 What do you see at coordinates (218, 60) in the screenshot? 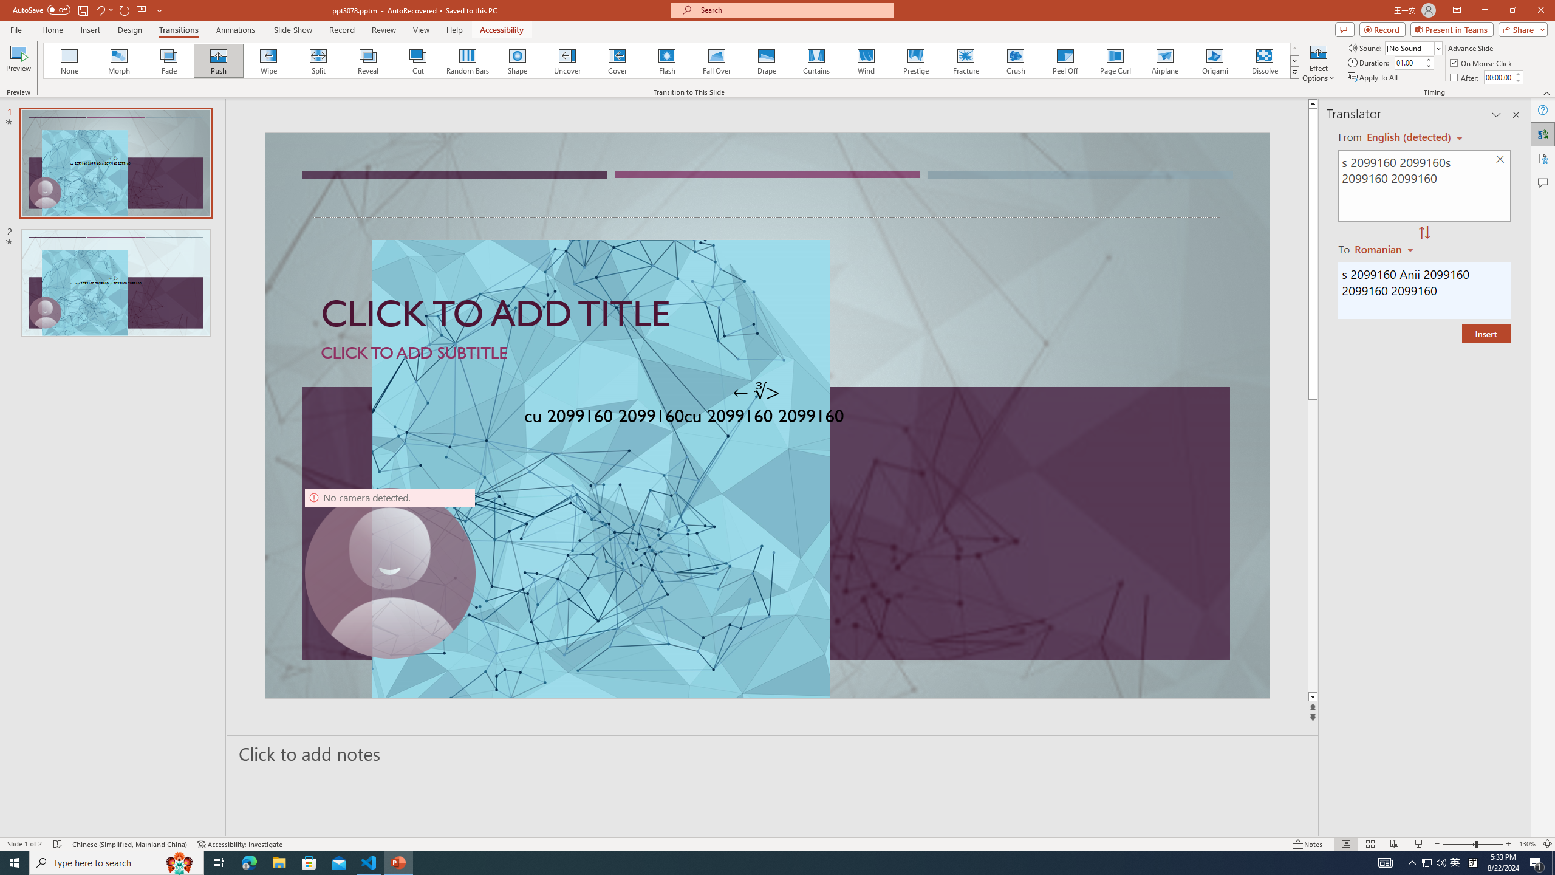
I see `'Push'` at bounding box center [218, 60].